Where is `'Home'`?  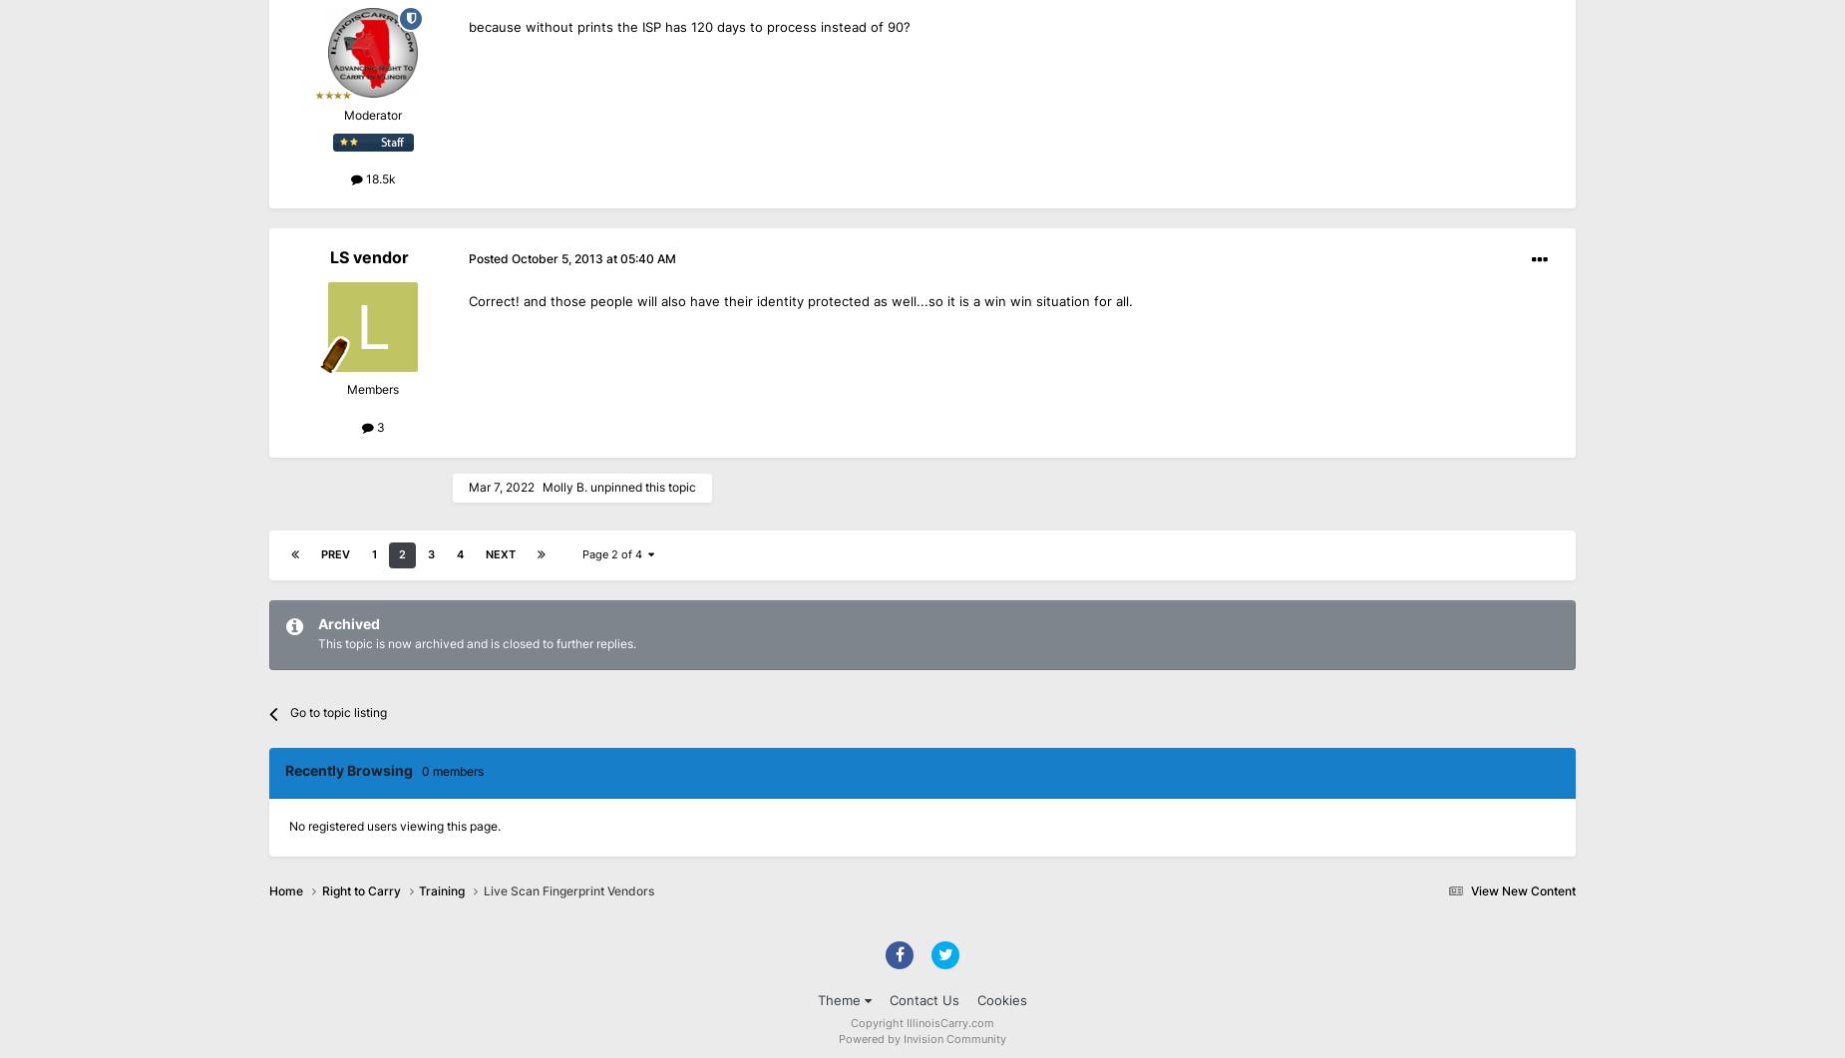
'Home' is located at coordinates (286, 889).